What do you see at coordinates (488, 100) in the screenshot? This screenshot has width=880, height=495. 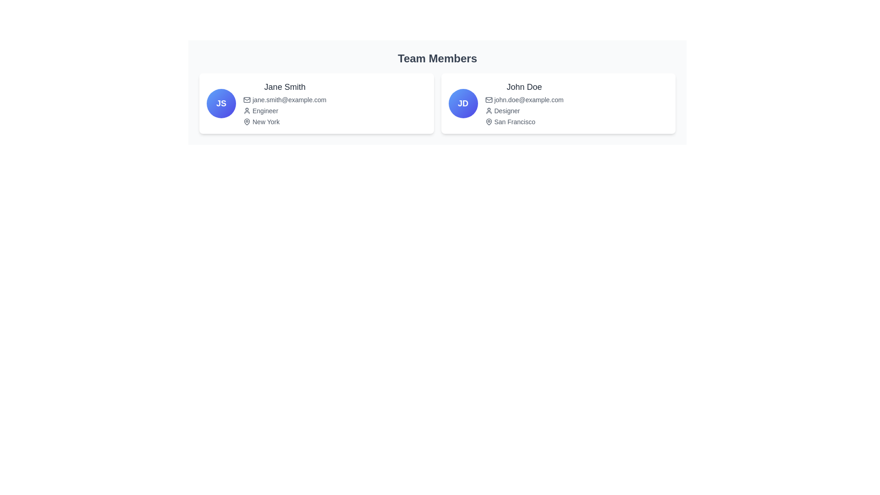 I see `the envelope icon representing email for John Doe, located to the left of the email text 'john.doe@example.com' within the 'Team Members' card` at bounding box center [488, 100].